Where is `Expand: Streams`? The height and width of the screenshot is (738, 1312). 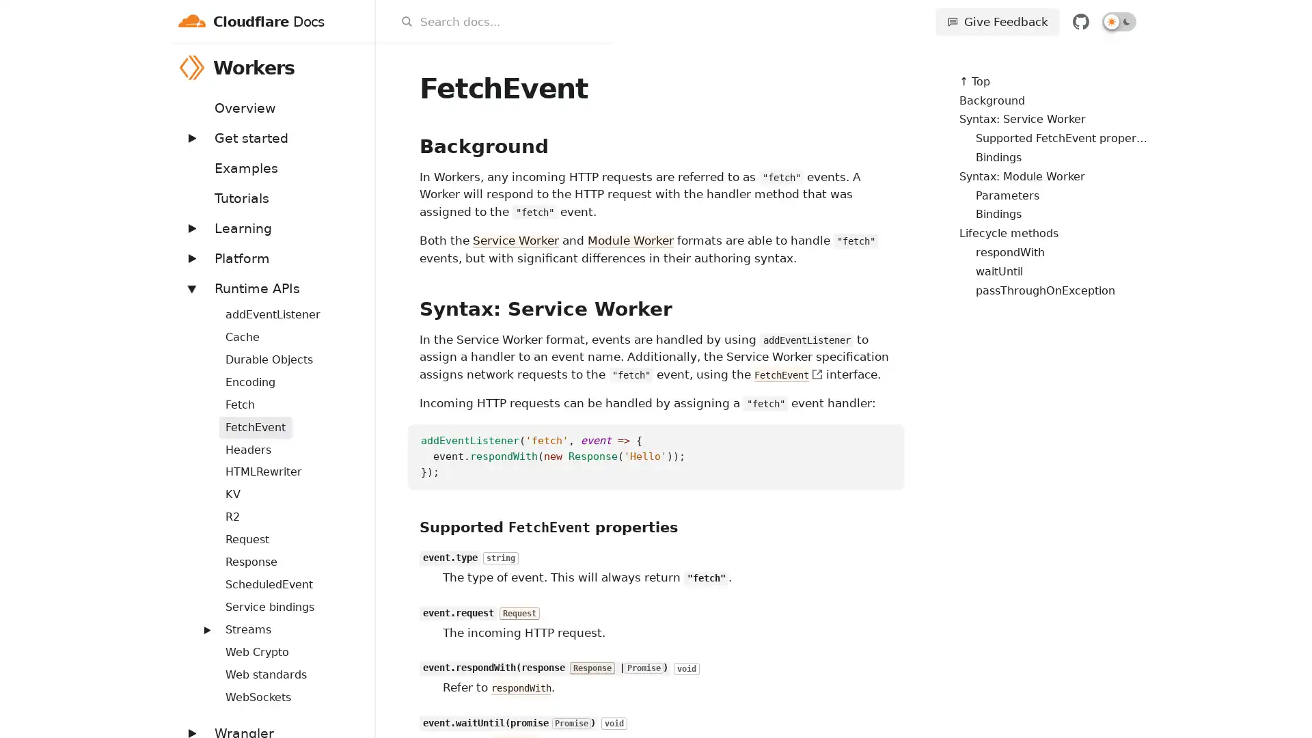
Expand: Streams is located at coordinates (206, 629).